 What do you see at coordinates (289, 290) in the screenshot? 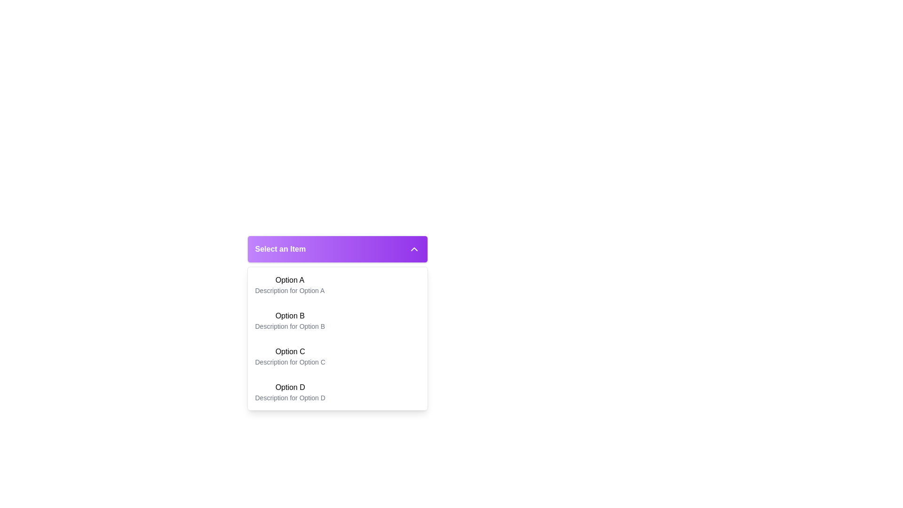
I see `the text label reading 'Description for Option A,' which is styled in a small, light gray font and located beneath the bold text 'Option A' in the dropdown menu` at bounding box center [289, 290].